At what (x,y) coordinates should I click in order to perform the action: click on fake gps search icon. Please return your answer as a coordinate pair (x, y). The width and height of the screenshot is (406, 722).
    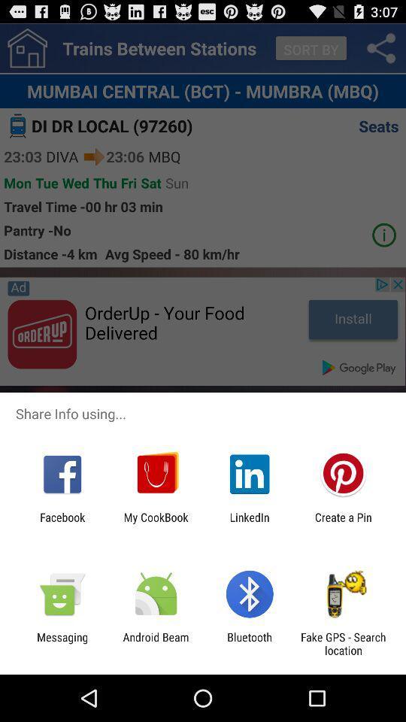
    Looking at the image, I should click on (343, 643).